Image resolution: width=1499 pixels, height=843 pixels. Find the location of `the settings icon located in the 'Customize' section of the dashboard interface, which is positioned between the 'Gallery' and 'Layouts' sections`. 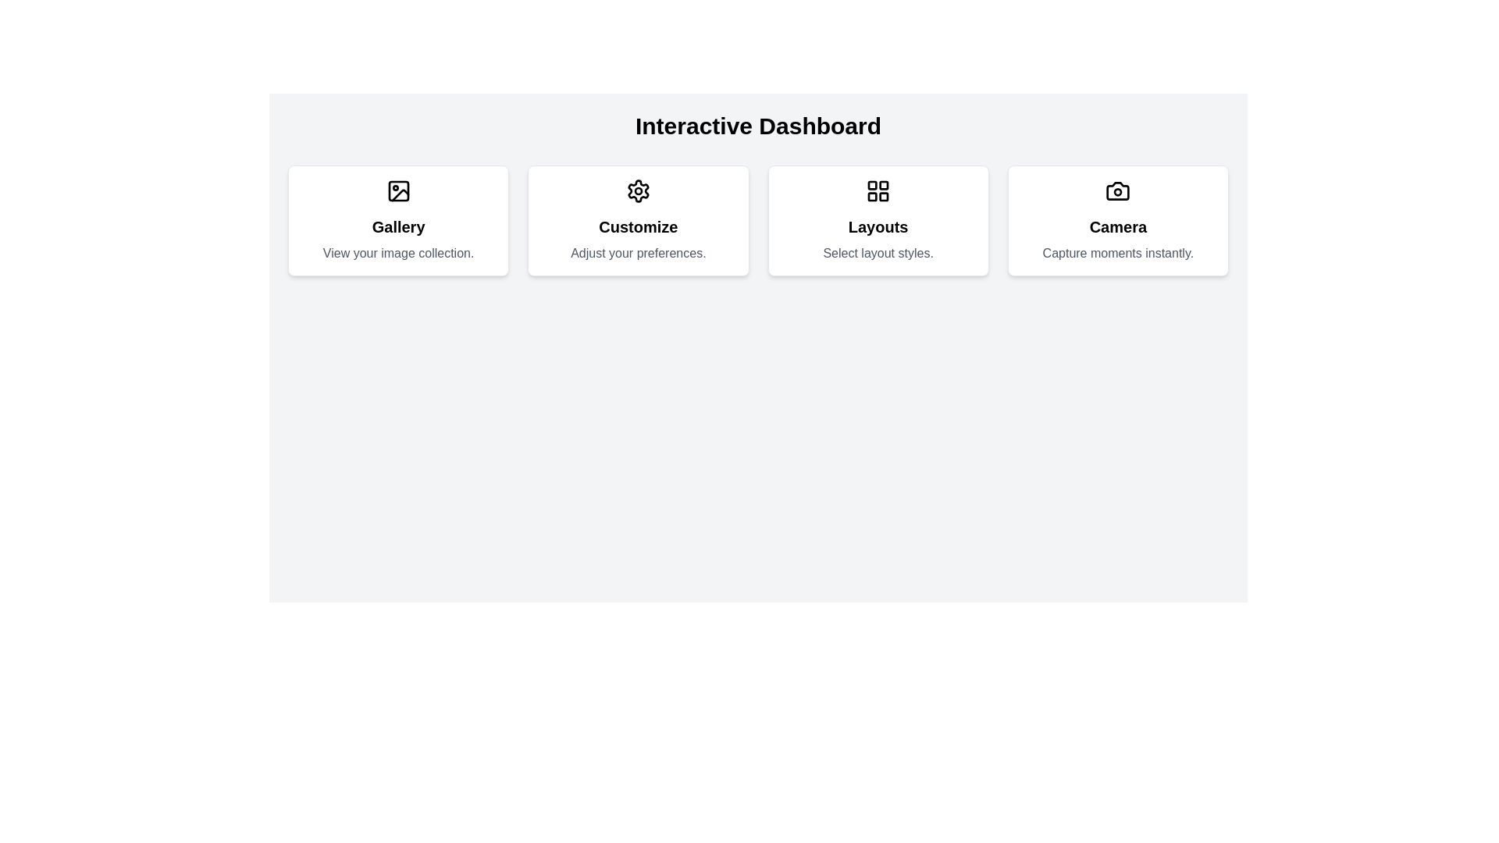

the settings icon located in the 'Customize' section of the dashboard interface, which is positioned between the 'Gallery' and 'Layouts' sections is located at coordinates (638, 190).